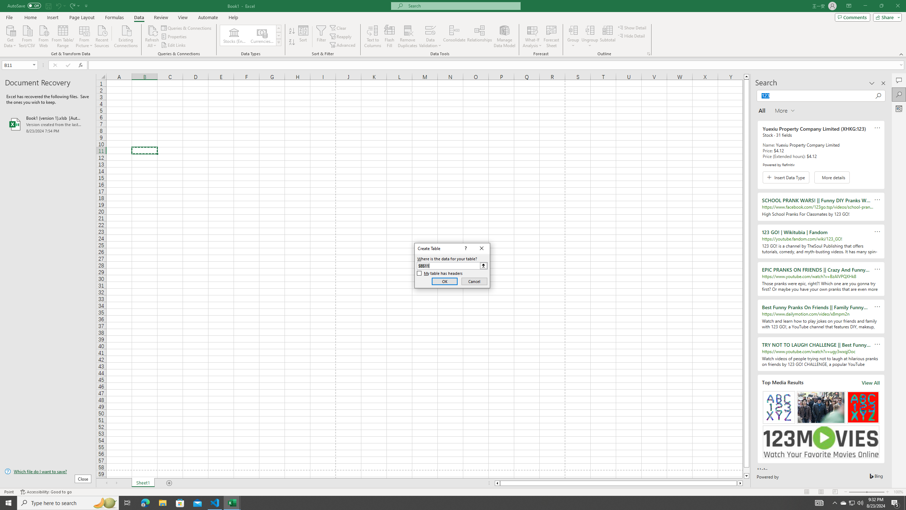  Describe the element at coordinates (279, 42) in the screenshot. I see `'Data Types'` at that location.